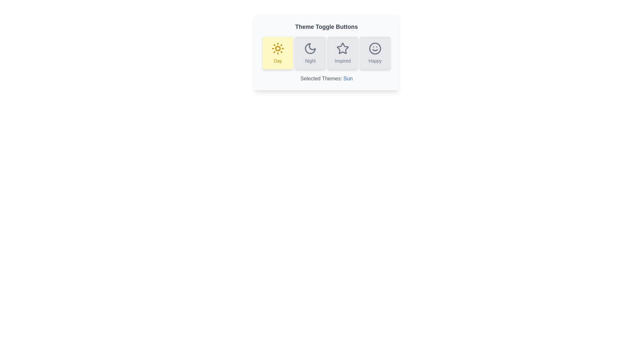 The height and width of the screenshot is (350, 622). I want to click on the theme selection button group labeled 'Day', 'Night', 'Inspired', and 'Happy', so click(327, 53).